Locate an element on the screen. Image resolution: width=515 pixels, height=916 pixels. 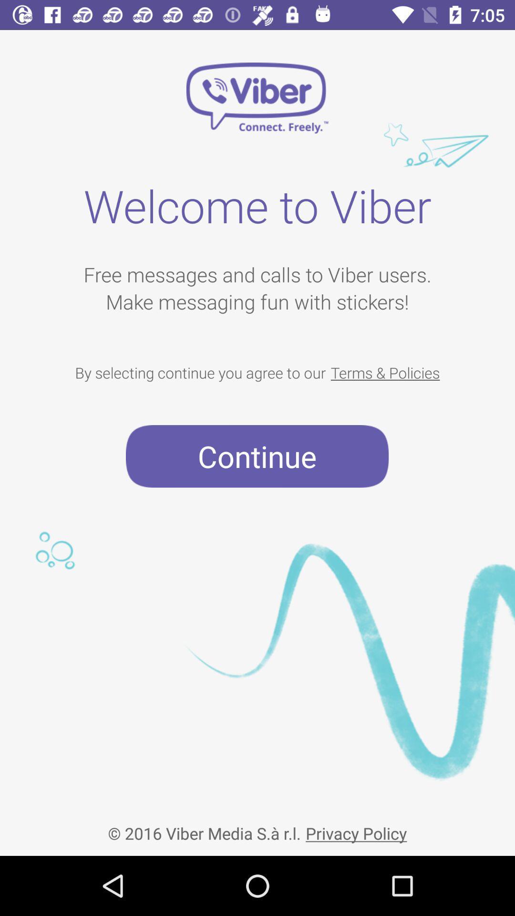
icon next to the by selecting continue is located at coordinates (385, 372).